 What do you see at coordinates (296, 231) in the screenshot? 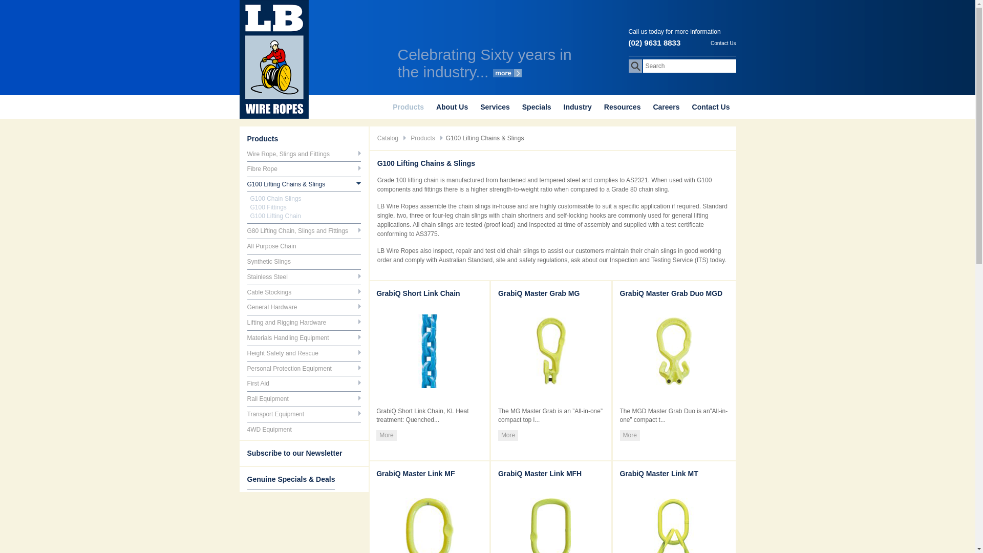
I see `'G80 Lifting Chain, Slings and Fittings'` at bounding box center [296, 231].